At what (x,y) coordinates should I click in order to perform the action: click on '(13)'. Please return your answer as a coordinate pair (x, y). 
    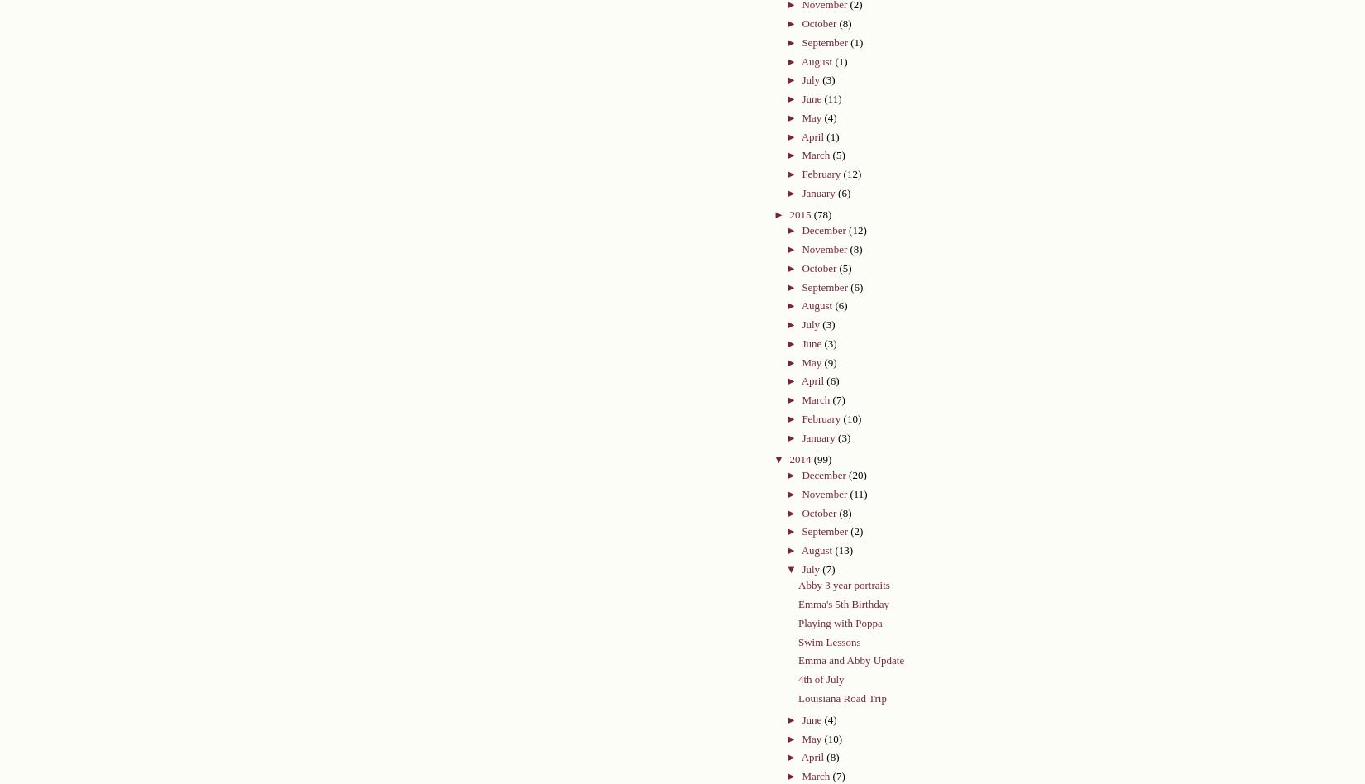
    Looking at the image, I should click on (834, 549).